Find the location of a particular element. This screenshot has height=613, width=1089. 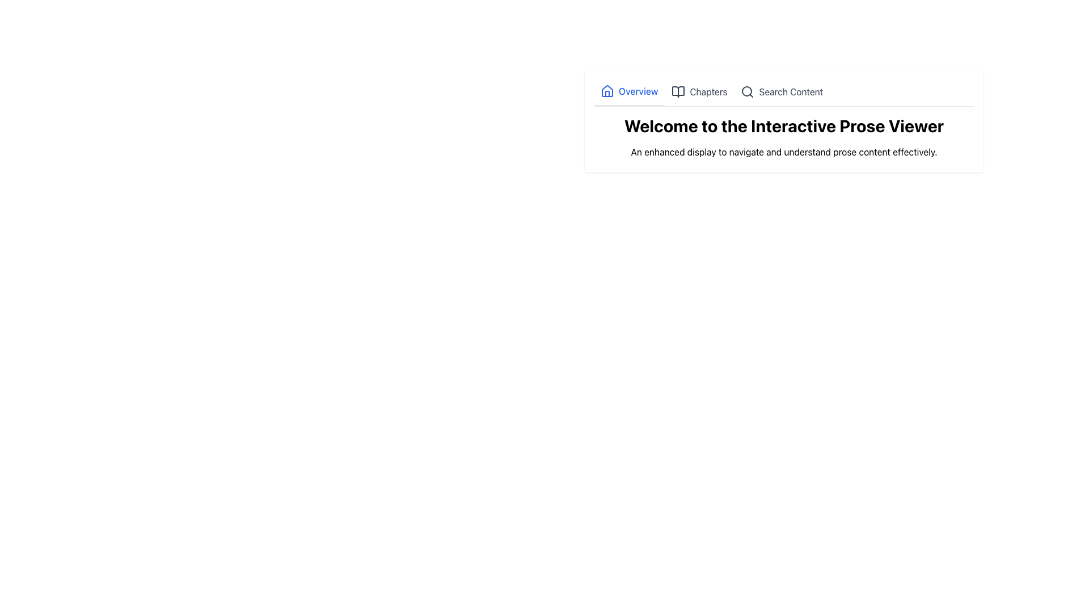

the navigation icon located between the 'Overview' house icon and the 'Search Content' magnifying glass icon is located at coordinates (678, 91).